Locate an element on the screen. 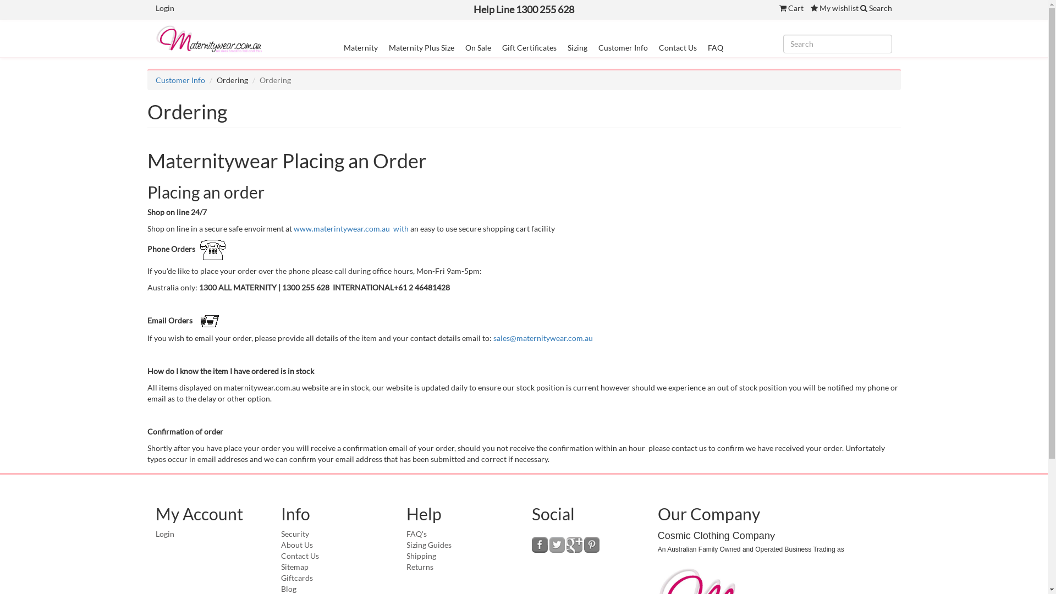 This screenshot has height=594, width=1056. 'FAQ' is located at coordinates (715, 47).